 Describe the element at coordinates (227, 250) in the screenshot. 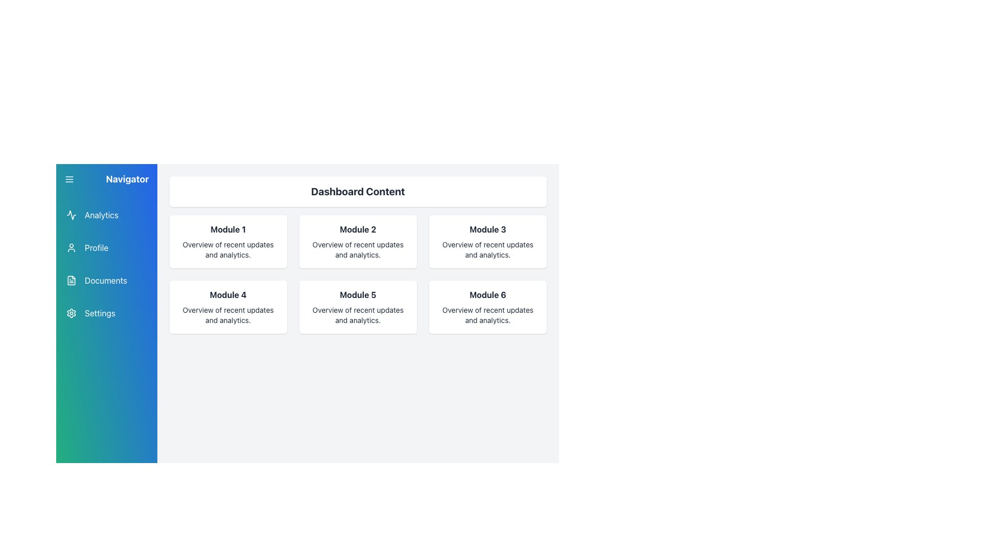

I see `the static informational text that says 'Overview of recent updates and analytics.', located directly under 'Module 1' in a white, rounded rectangle card` at that location.